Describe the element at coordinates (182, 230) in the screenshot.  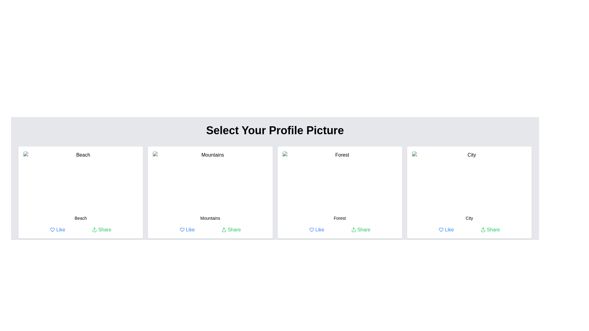
I see `the heart icon located within the 'Like' button group, positioned at the left side of the 'Like' text under the 'Mountains' section` at that location.